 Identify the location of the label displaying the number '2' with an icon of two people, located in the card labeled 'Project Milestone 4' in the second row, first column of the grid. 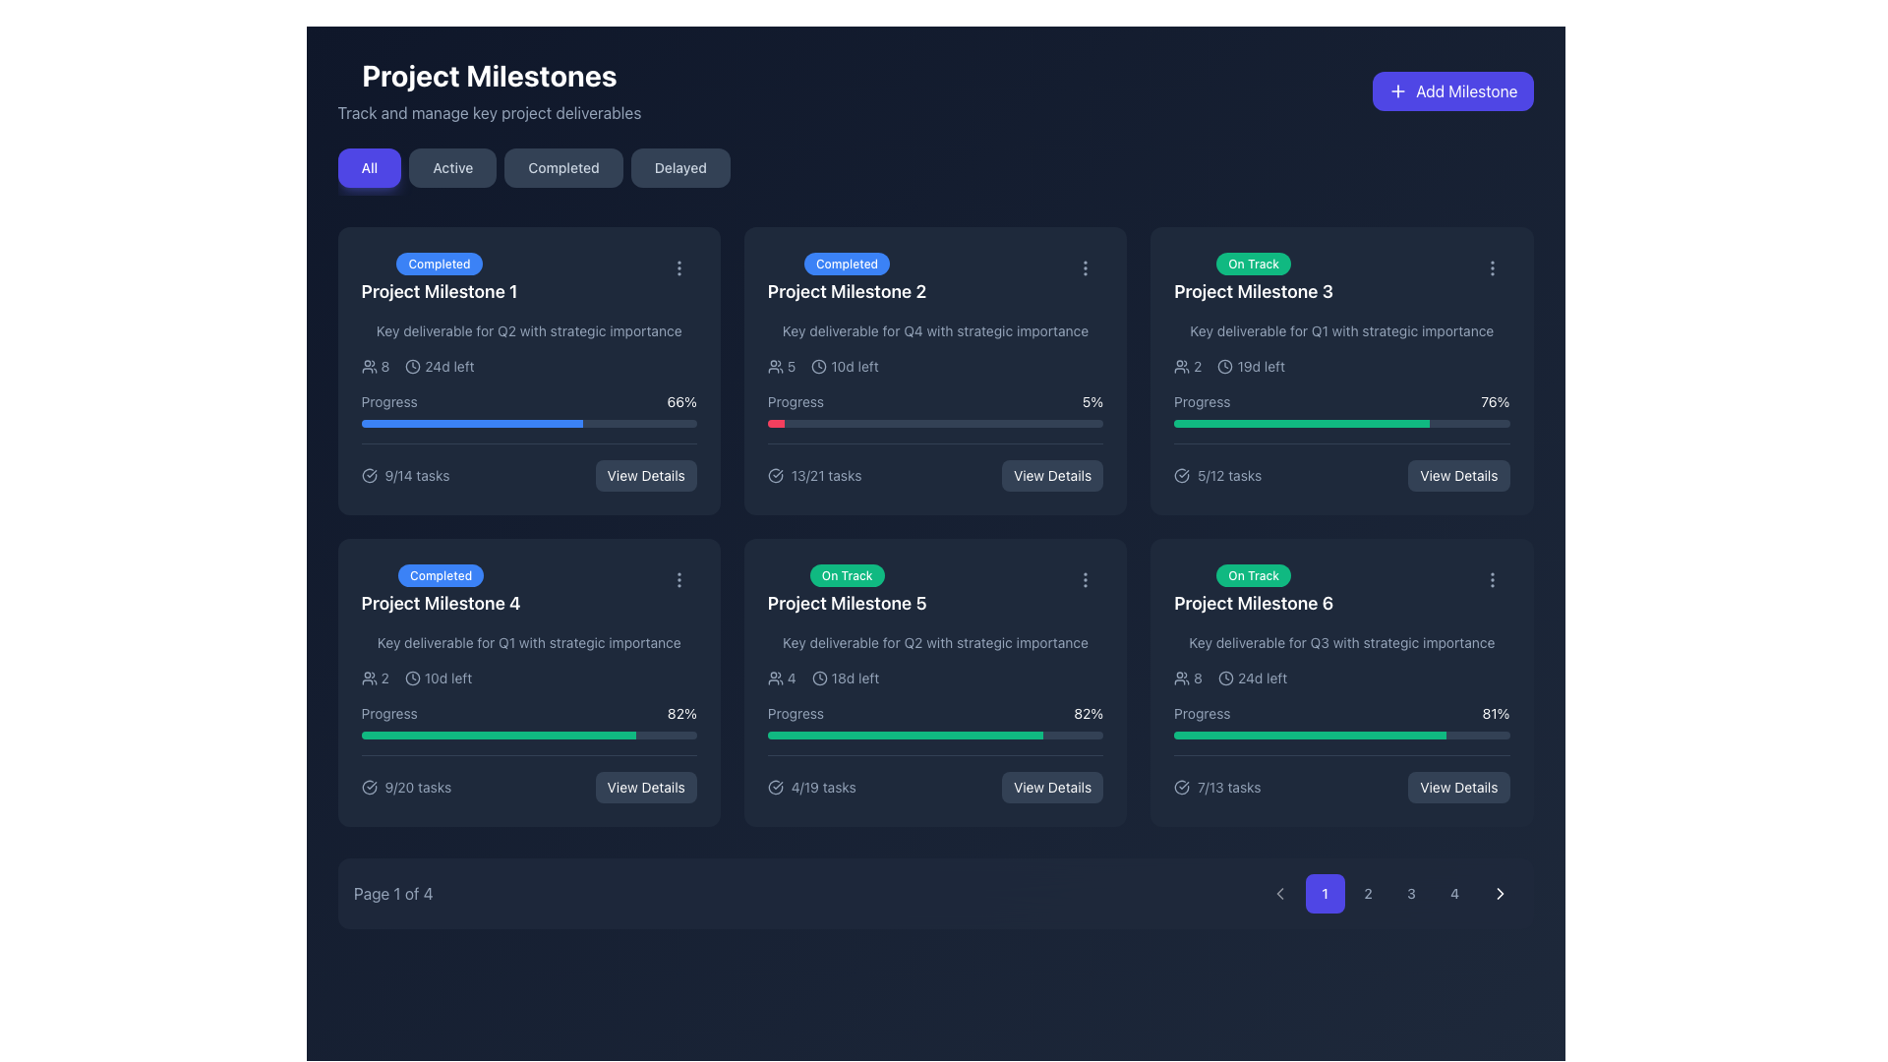
(375, 678).